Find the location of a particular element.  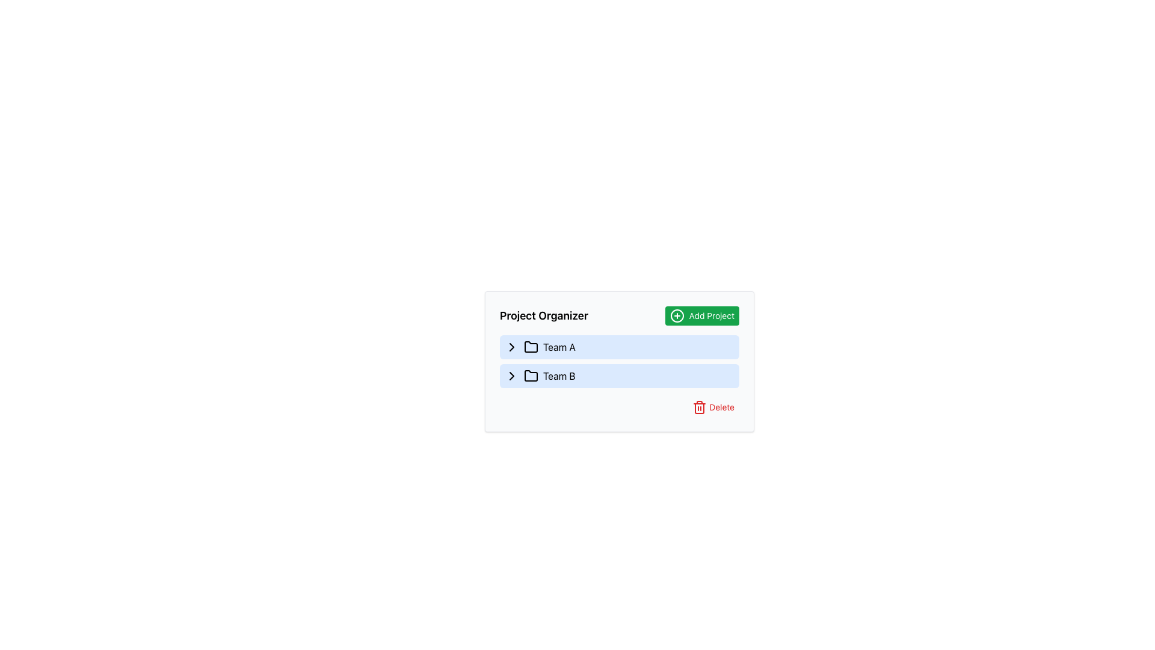

the Text Label that contains the text 'Project Organizer', which is styled in bold and large font, located on the left side of a header-like section is located at coordinates (543, 315).